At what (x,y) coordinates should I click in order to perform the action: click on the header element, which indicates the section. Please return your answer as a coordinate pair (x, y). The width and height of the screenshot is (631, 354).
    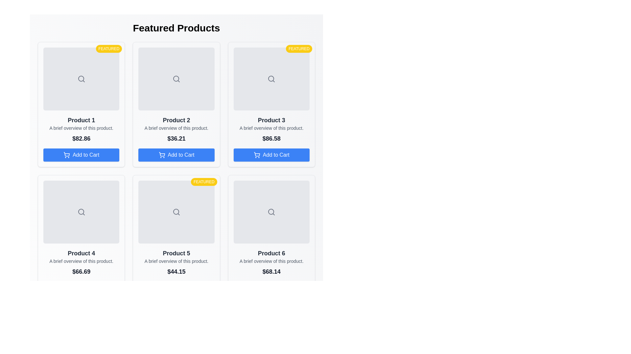
    Looking at the image, I should click on (176, 28).